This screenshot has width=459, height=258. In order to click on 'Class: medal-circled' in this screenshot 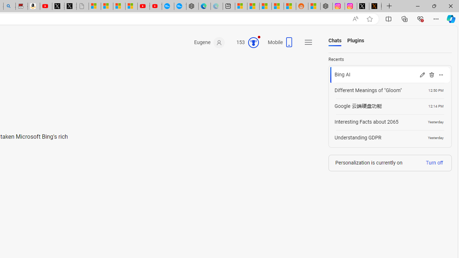, I will do `click(253, 43)`.